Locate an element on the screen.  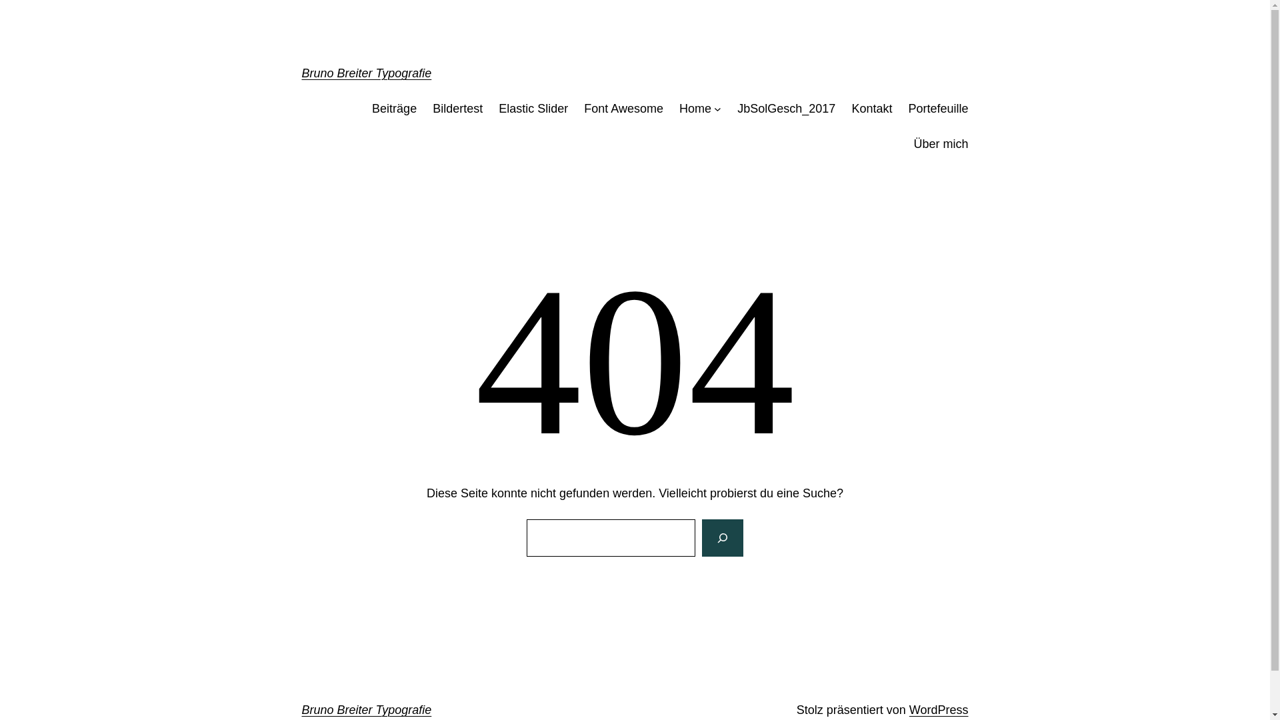
'Home' is located at coordinates (679, 108).